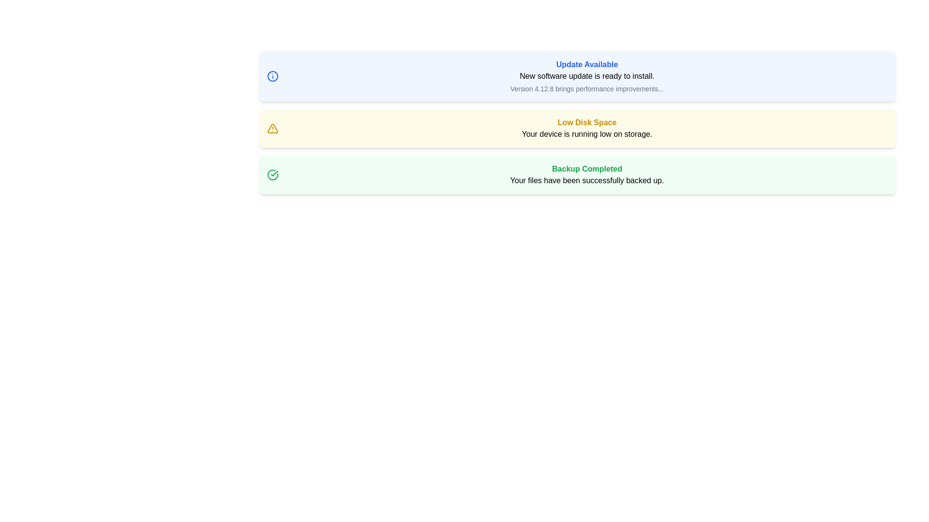 This screenshot has height=522, width=929. Describe the element at coordinates (586, 181) in the screenshot. I see `the text label stating 'Your files have been successfully backed up.' which is located below the heading 'Backup Completed' in the notification panel with a light green background` at that location.